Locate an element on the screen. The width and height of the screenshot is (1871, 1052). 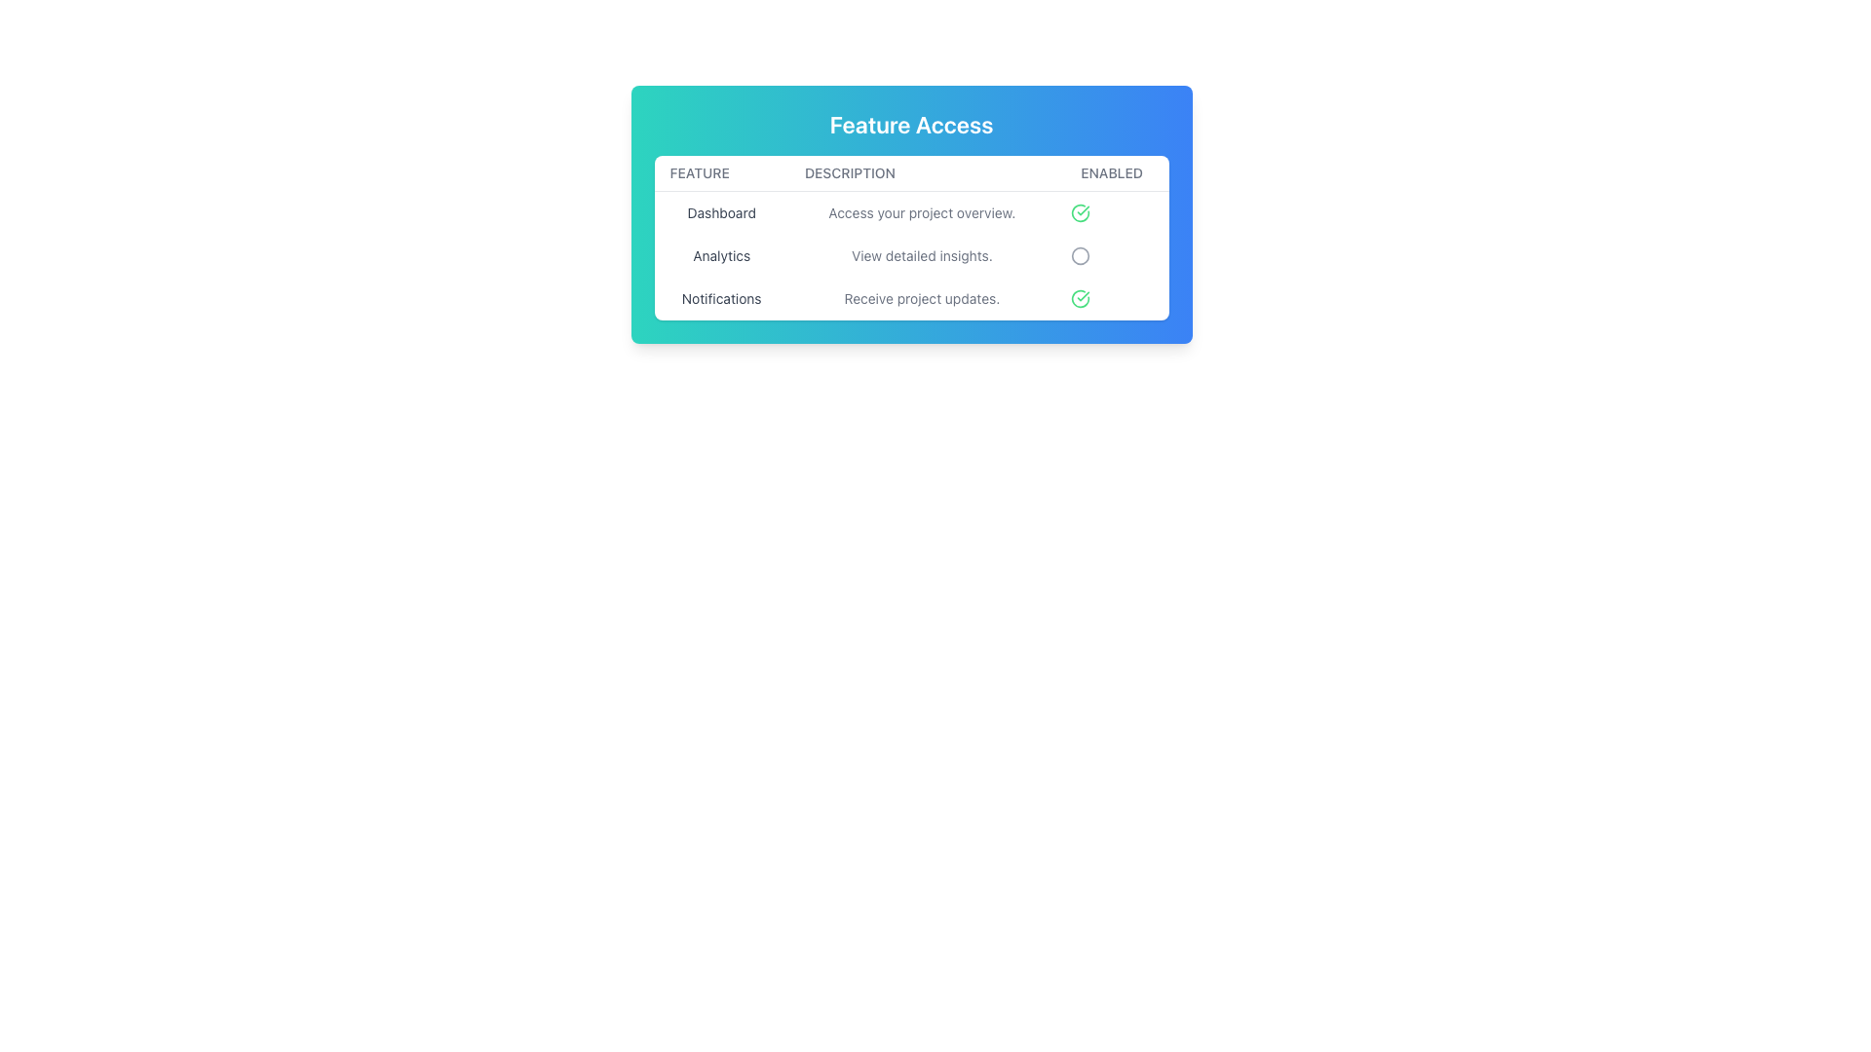
the 'Analytics' text label located in the second row of the tabular layout under the 'FEATURE' column for contextual interactions is located at coordinates (720, 254).